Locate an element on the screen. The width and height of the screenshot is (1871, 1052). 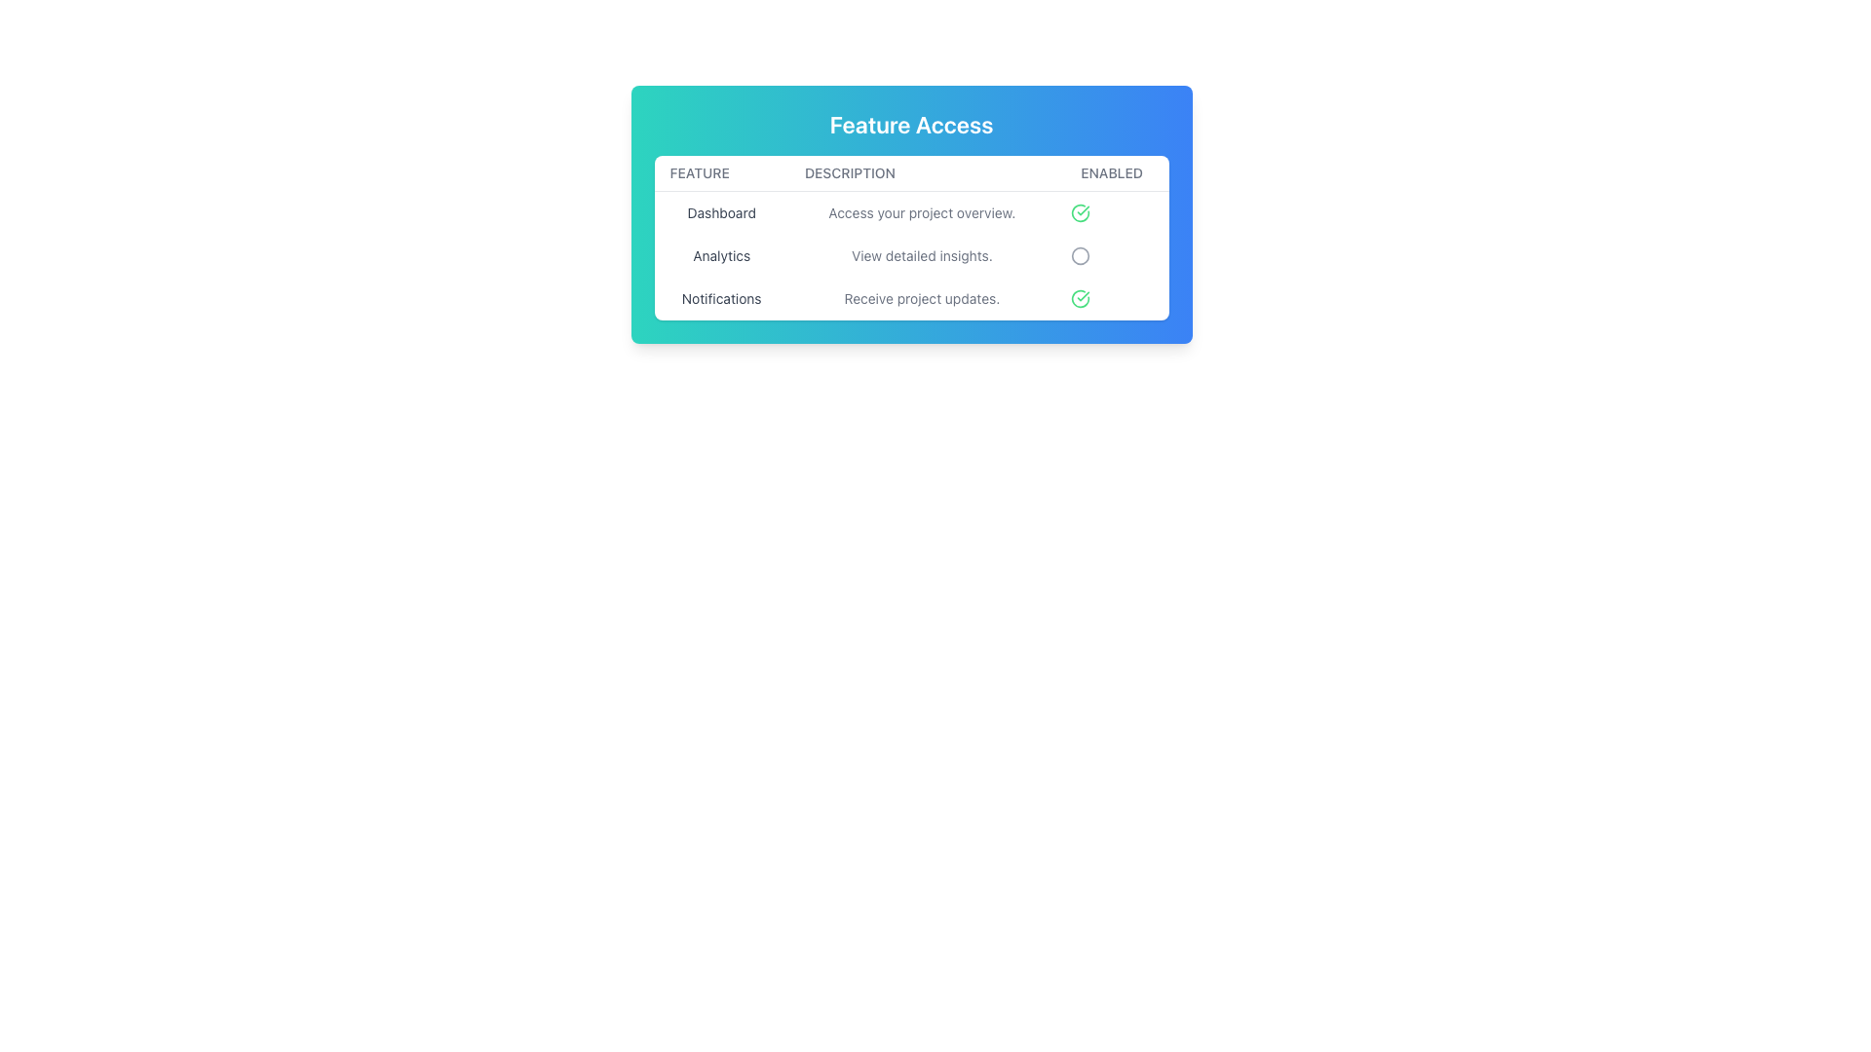
the 'Analytics' text label located in the second row of the tabular layout under the 'FEATURE' column for contextual interactions is located at coordinates (720, 254).